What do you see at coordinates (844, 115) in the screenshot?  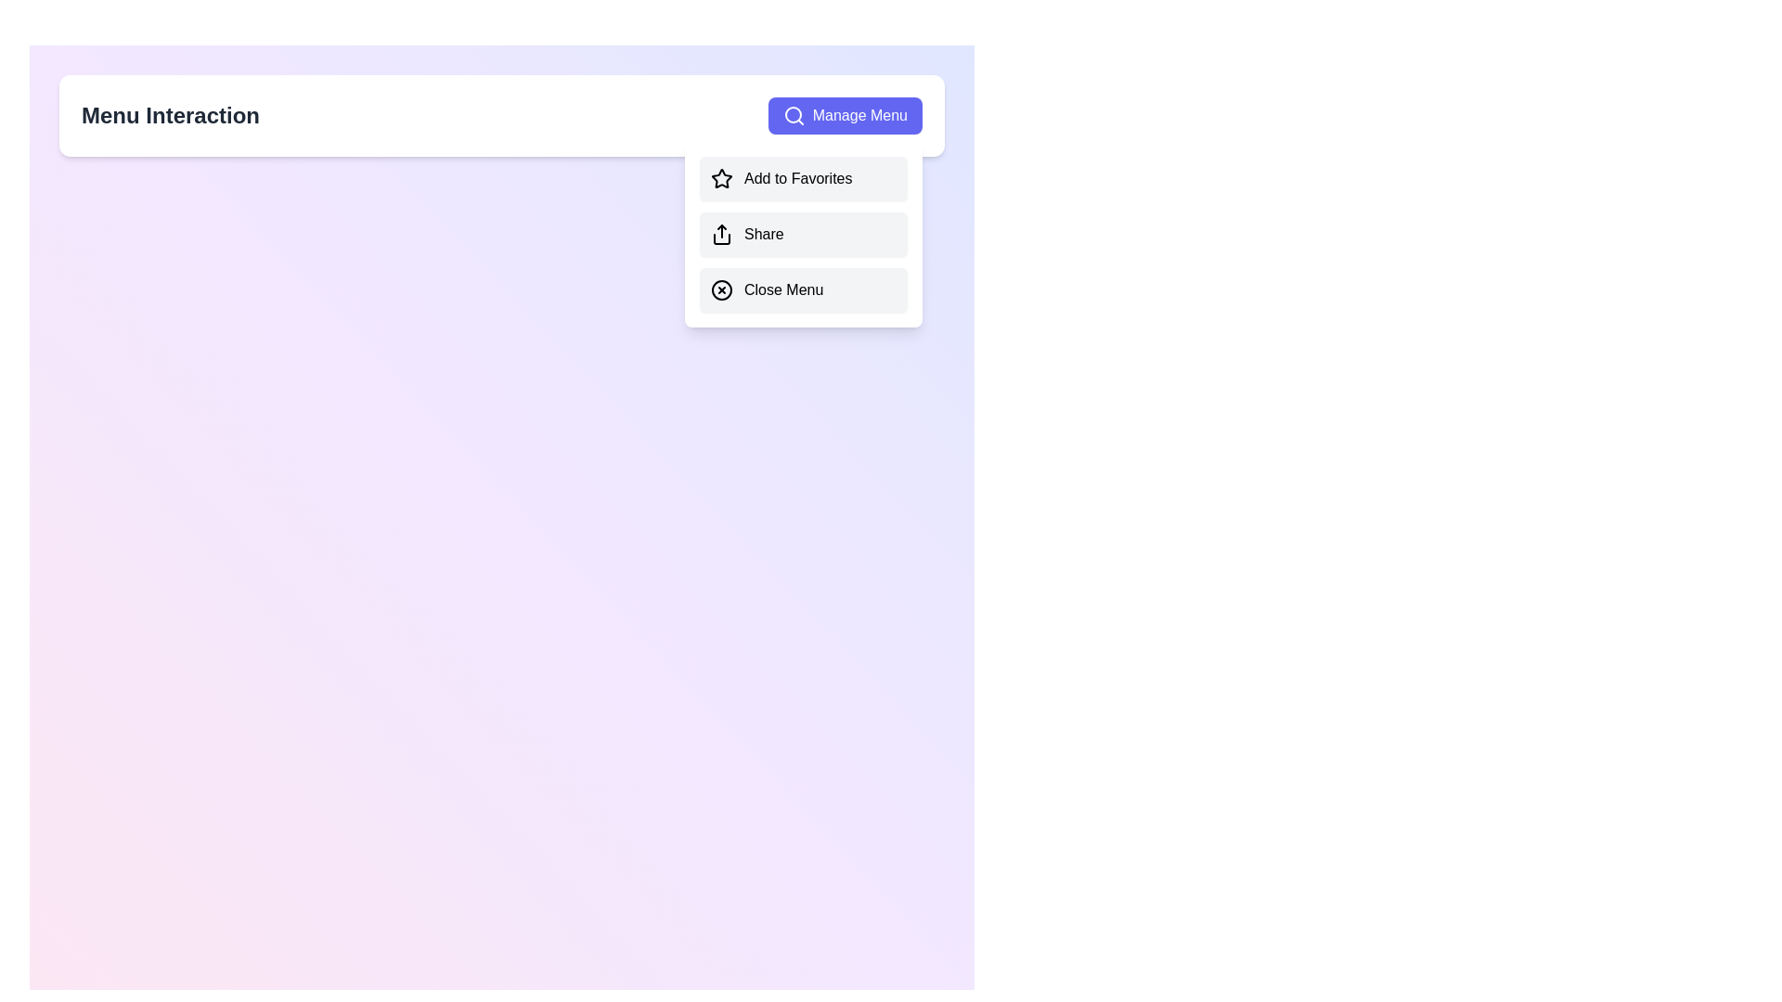 I see `the 'Manage Menu' button, which has a purple background and white text, to potentially display a tooltip` at bounding box center [844, 115].